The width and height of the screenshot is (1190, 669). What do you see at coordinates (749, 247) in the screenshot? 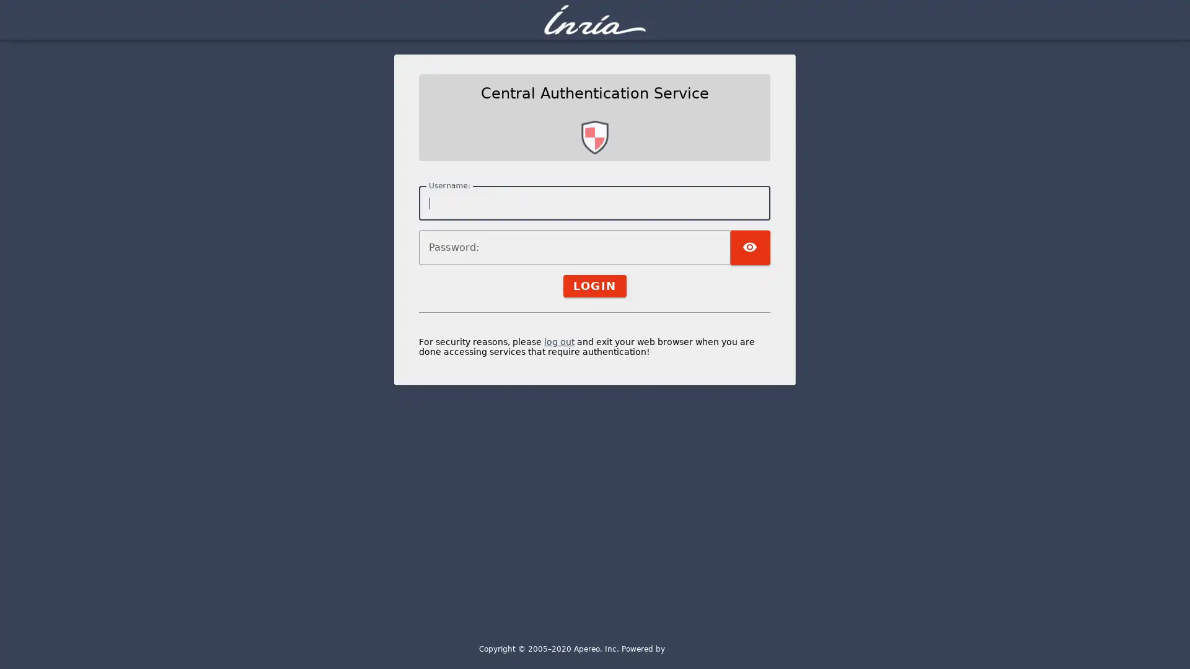
I see `TOGGLE PASSWORD` at bounding box center [749, 247].